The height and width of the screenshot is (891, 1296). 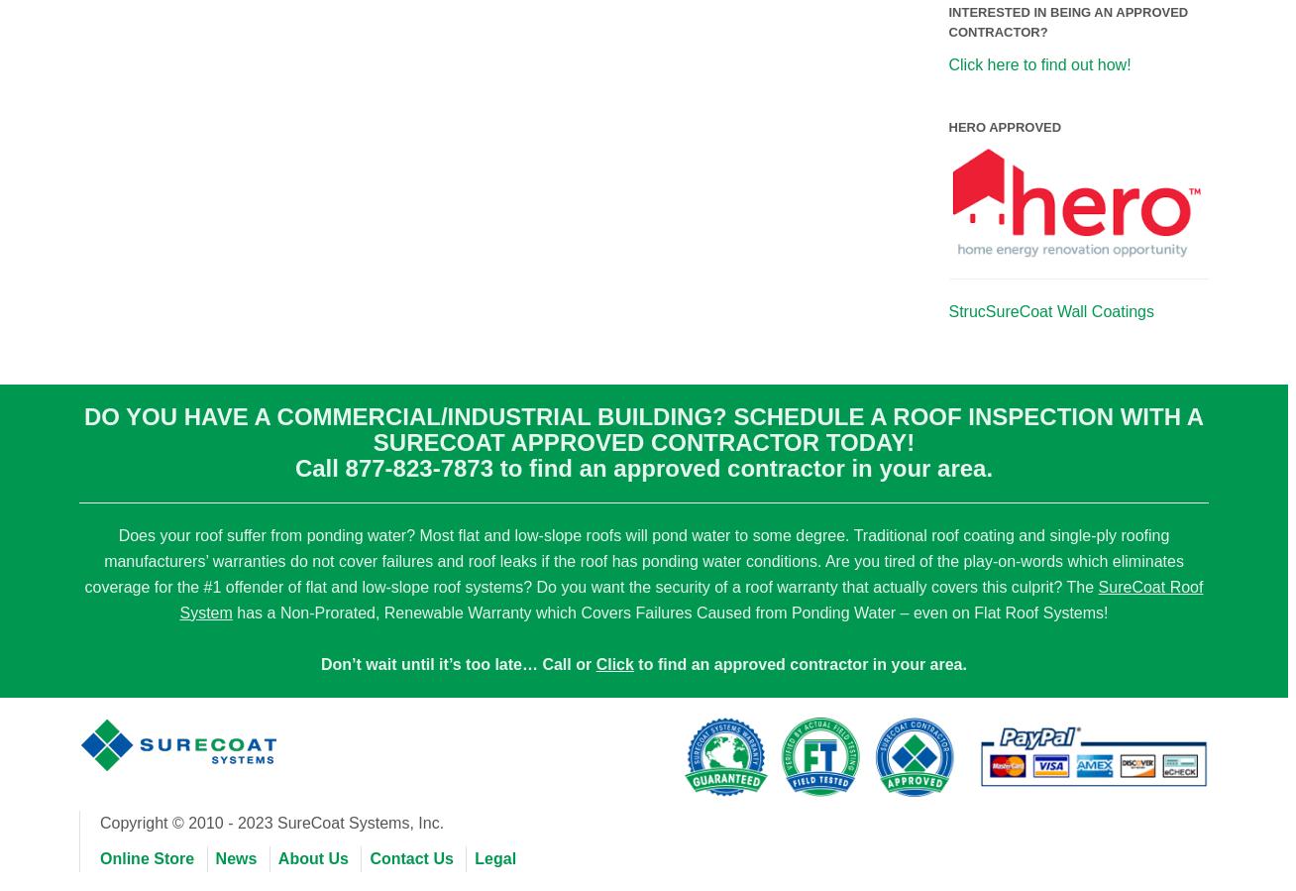 I want to click on 'HERO Approved', so click(x=1004, y=125).